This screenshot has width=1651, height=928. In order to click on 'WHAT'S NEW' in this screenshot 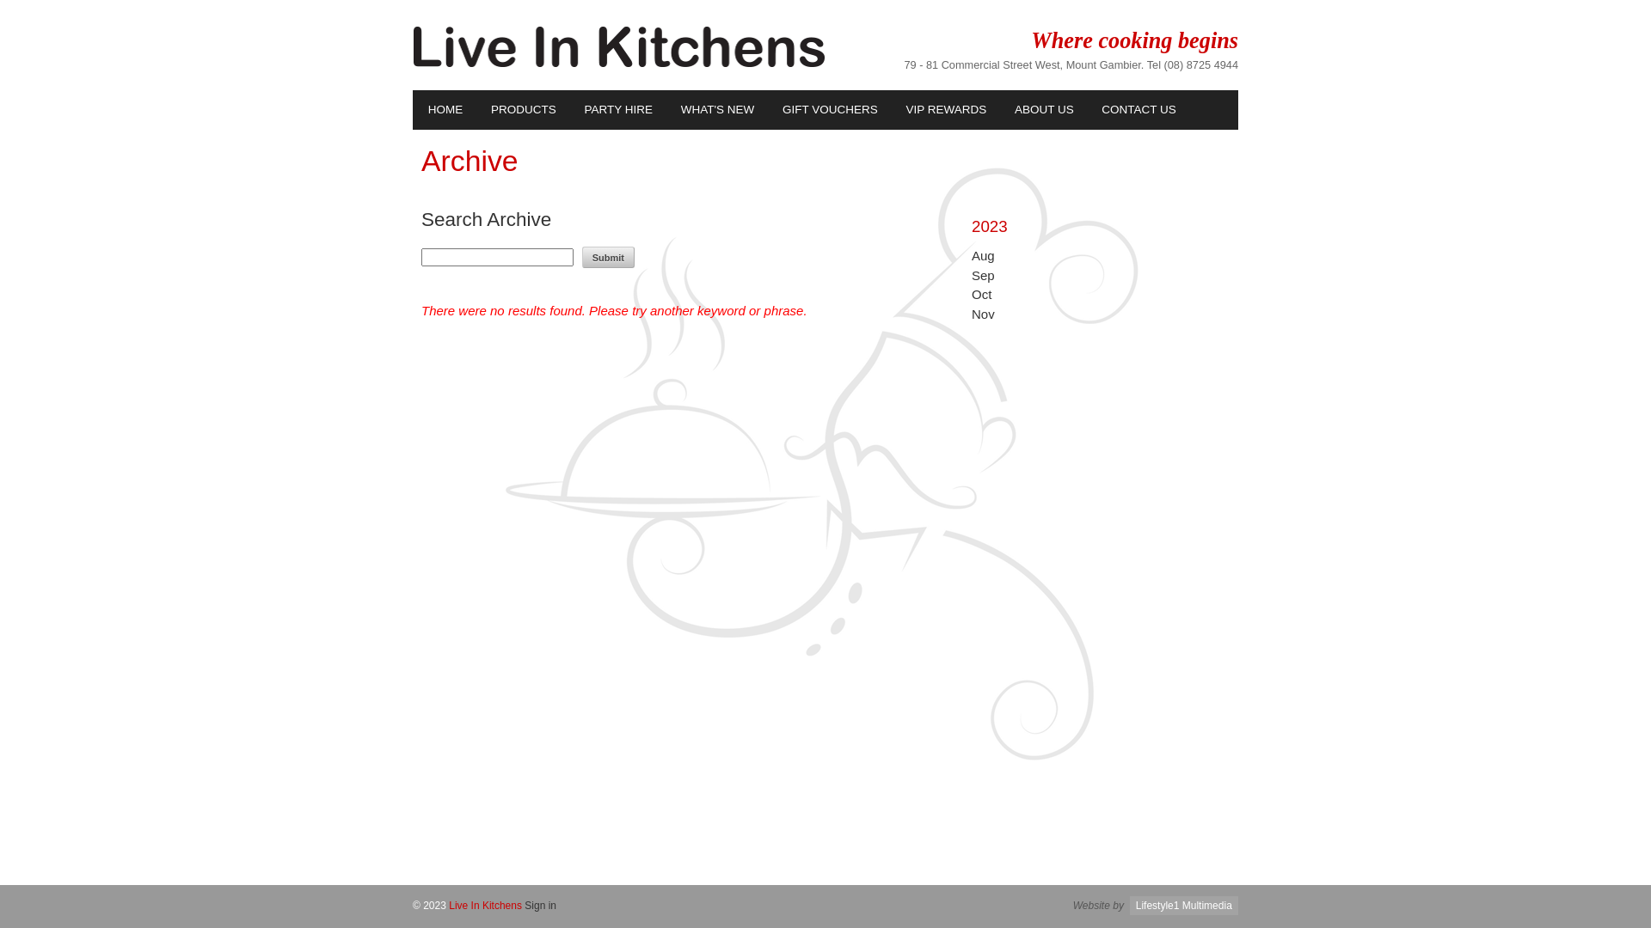, I will do `click(716, 110)`.